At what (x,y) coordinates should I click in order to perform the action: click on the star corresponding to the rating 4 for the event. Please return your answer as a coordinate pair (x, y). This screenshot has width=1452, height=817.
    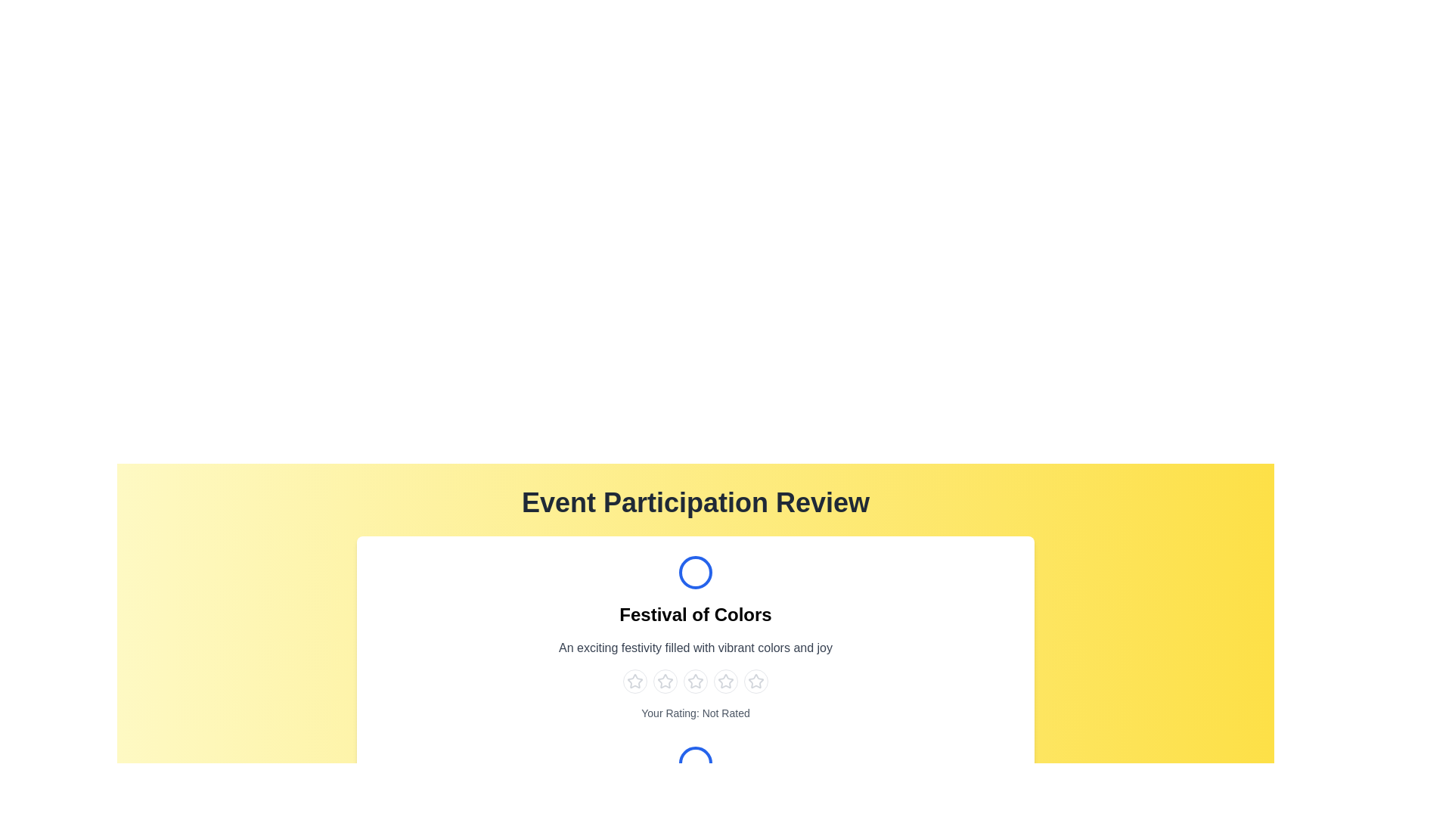
    Looking at the image, I should click on (726, 682).